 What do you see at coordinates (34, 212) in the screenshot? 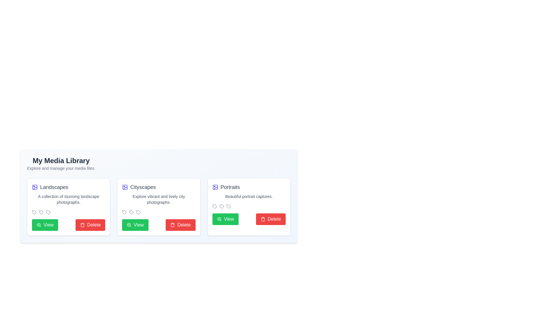
I see `the first tag icon, which is light gray and located at the top left corner of the 'Landscapes' card` at bounding box center [34, 212].